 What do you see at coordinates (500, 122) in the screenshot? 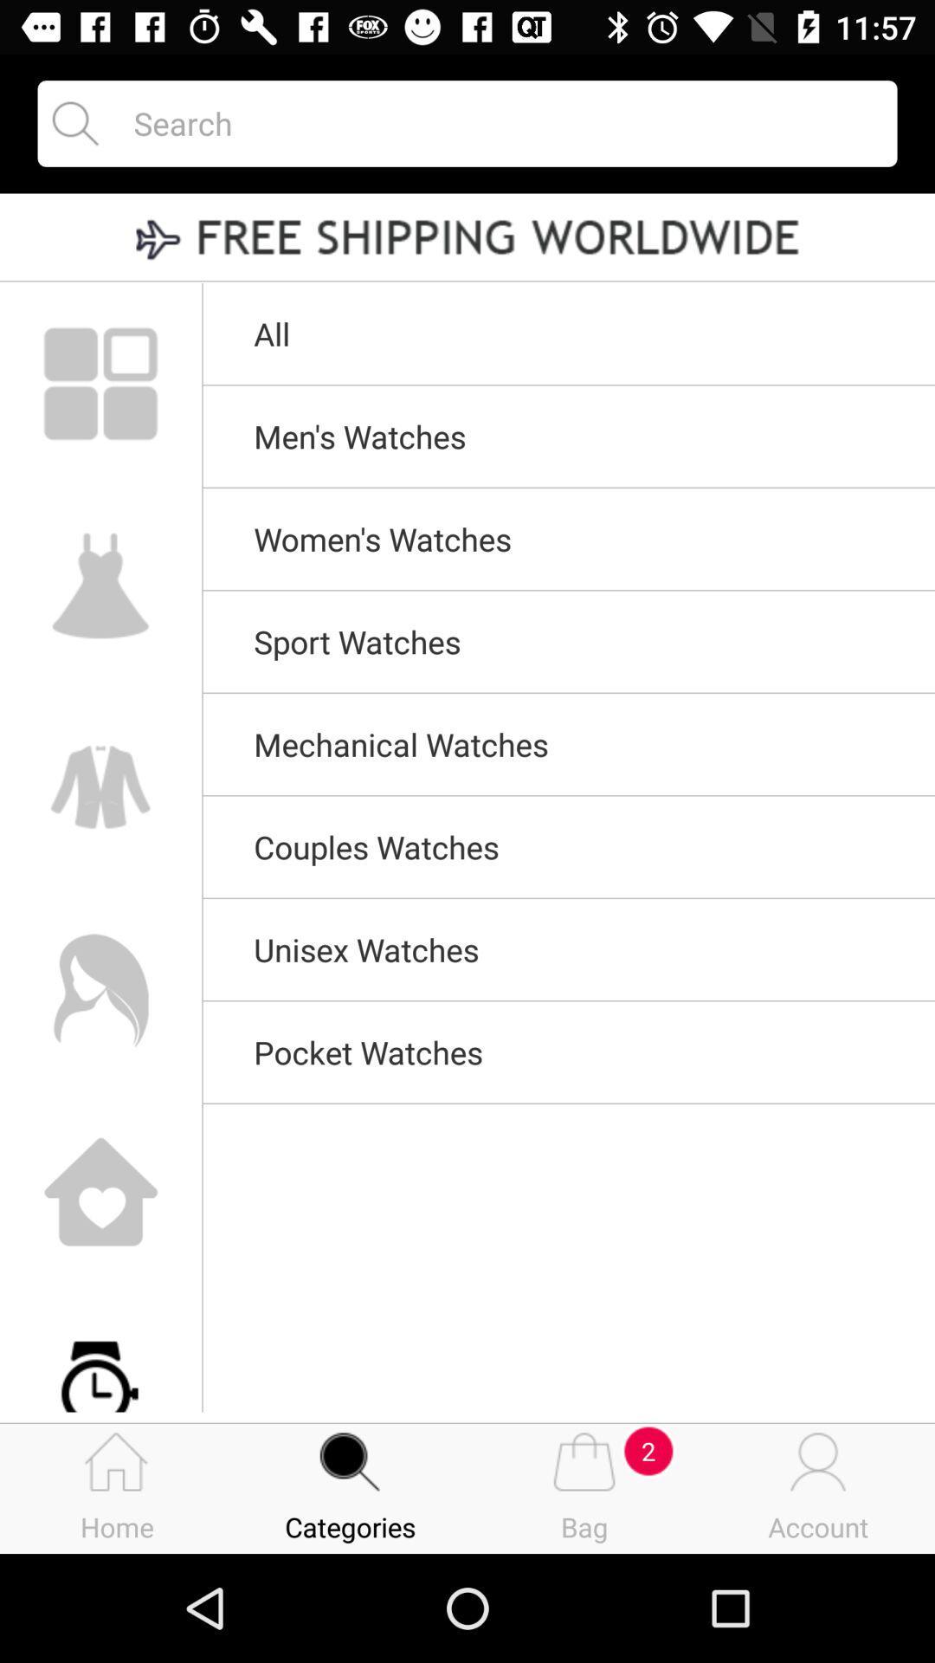
I see `search box` at bounding box center [500, 122].